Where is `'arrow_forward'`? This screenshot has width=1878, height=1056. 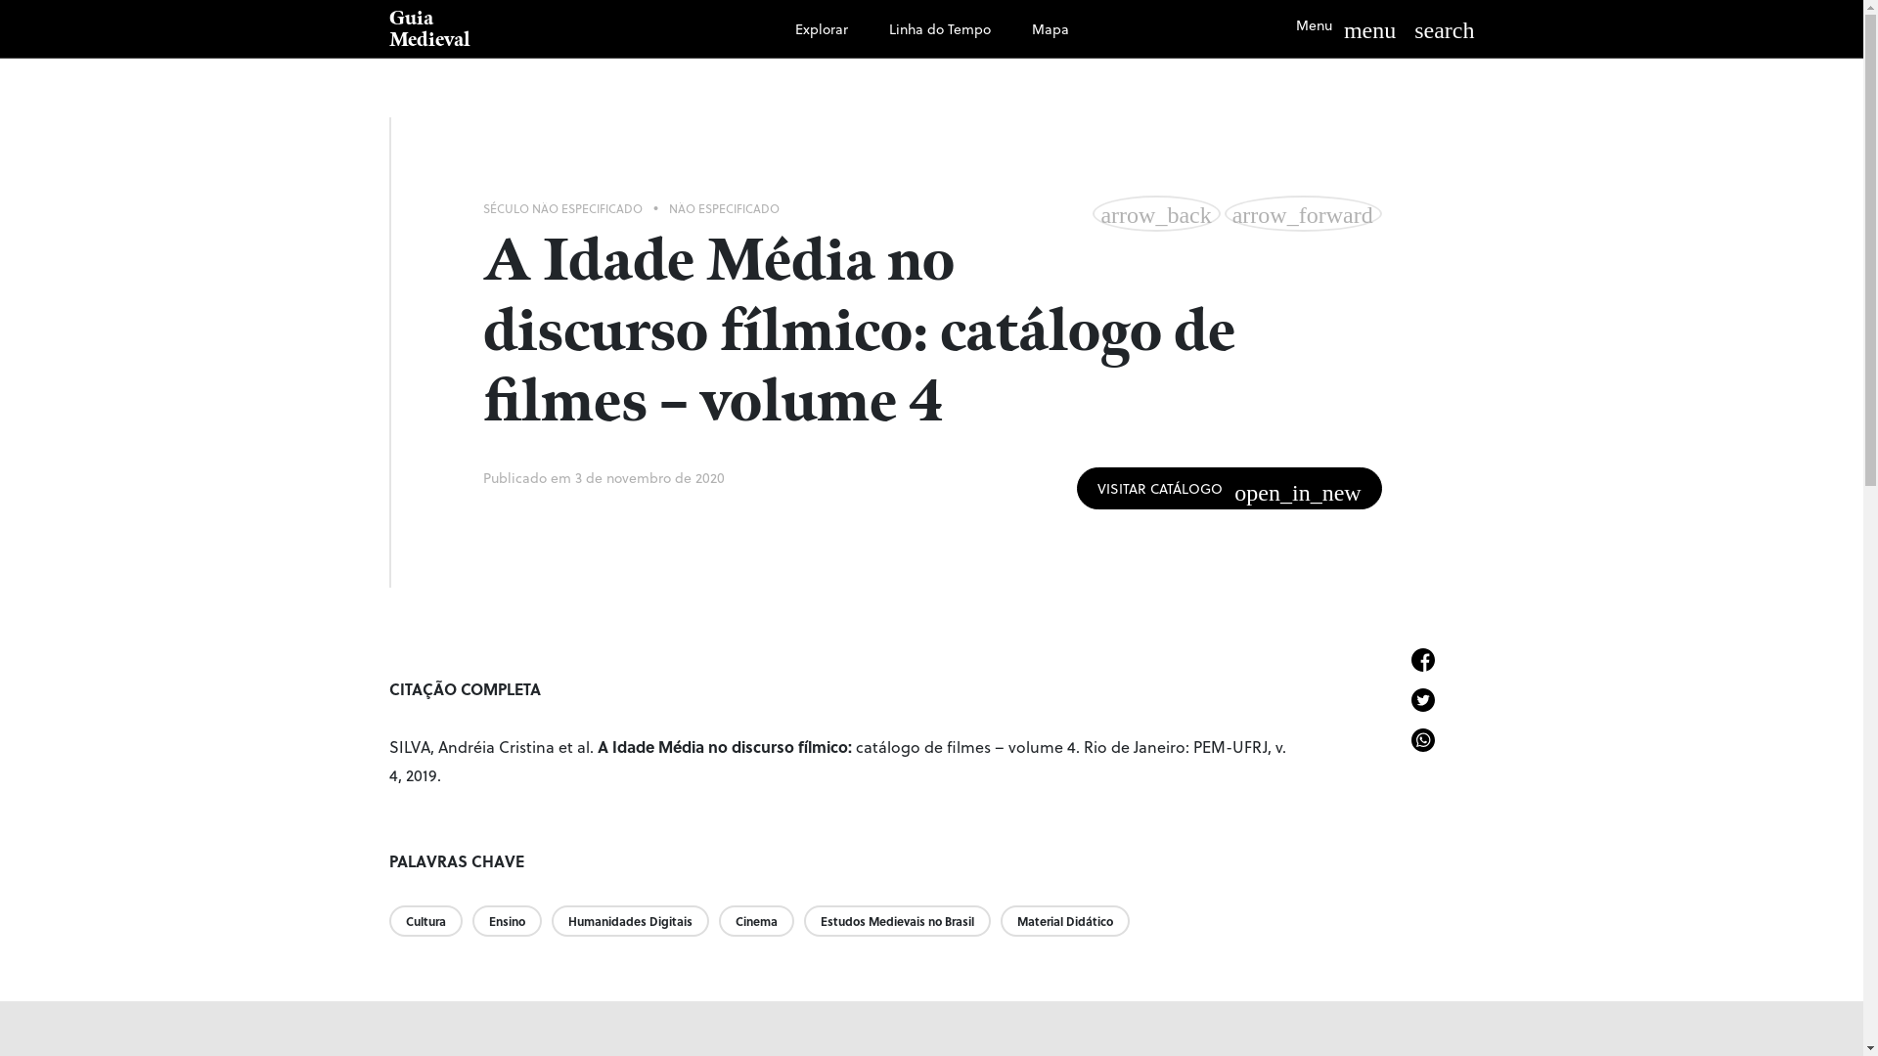
'arrow_forward' is located at coordinates (1303, 213).